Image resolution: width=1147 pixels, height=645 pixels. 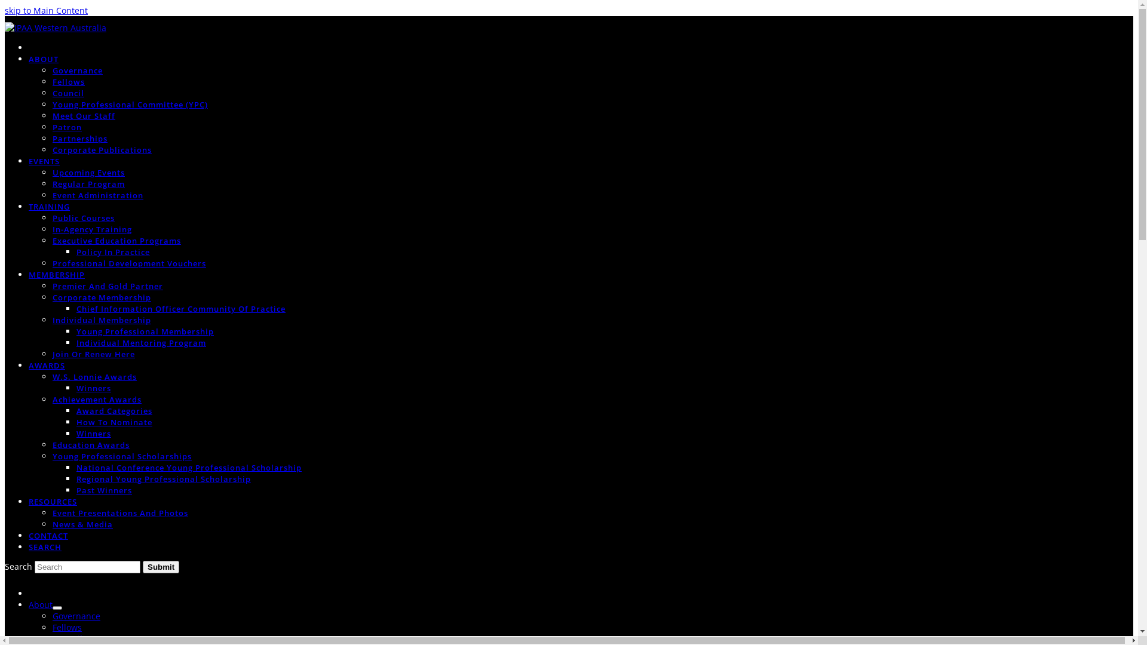 What do you see at coordinates (48, 535) in the screenshot?
I see `'CONTACT'` at bounding box center [48, 535].